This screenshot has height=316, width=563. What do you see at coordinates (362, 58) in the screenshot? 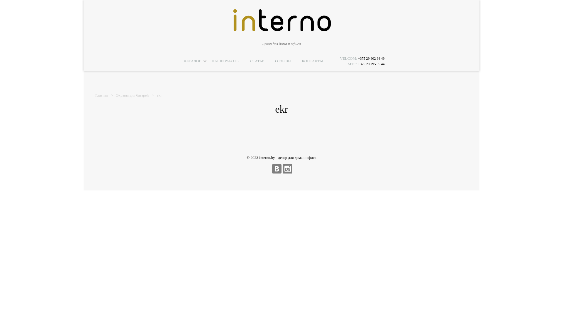
I see `'VELCOM: +375 29 602 64 49'` at bounding box center [362, 58].